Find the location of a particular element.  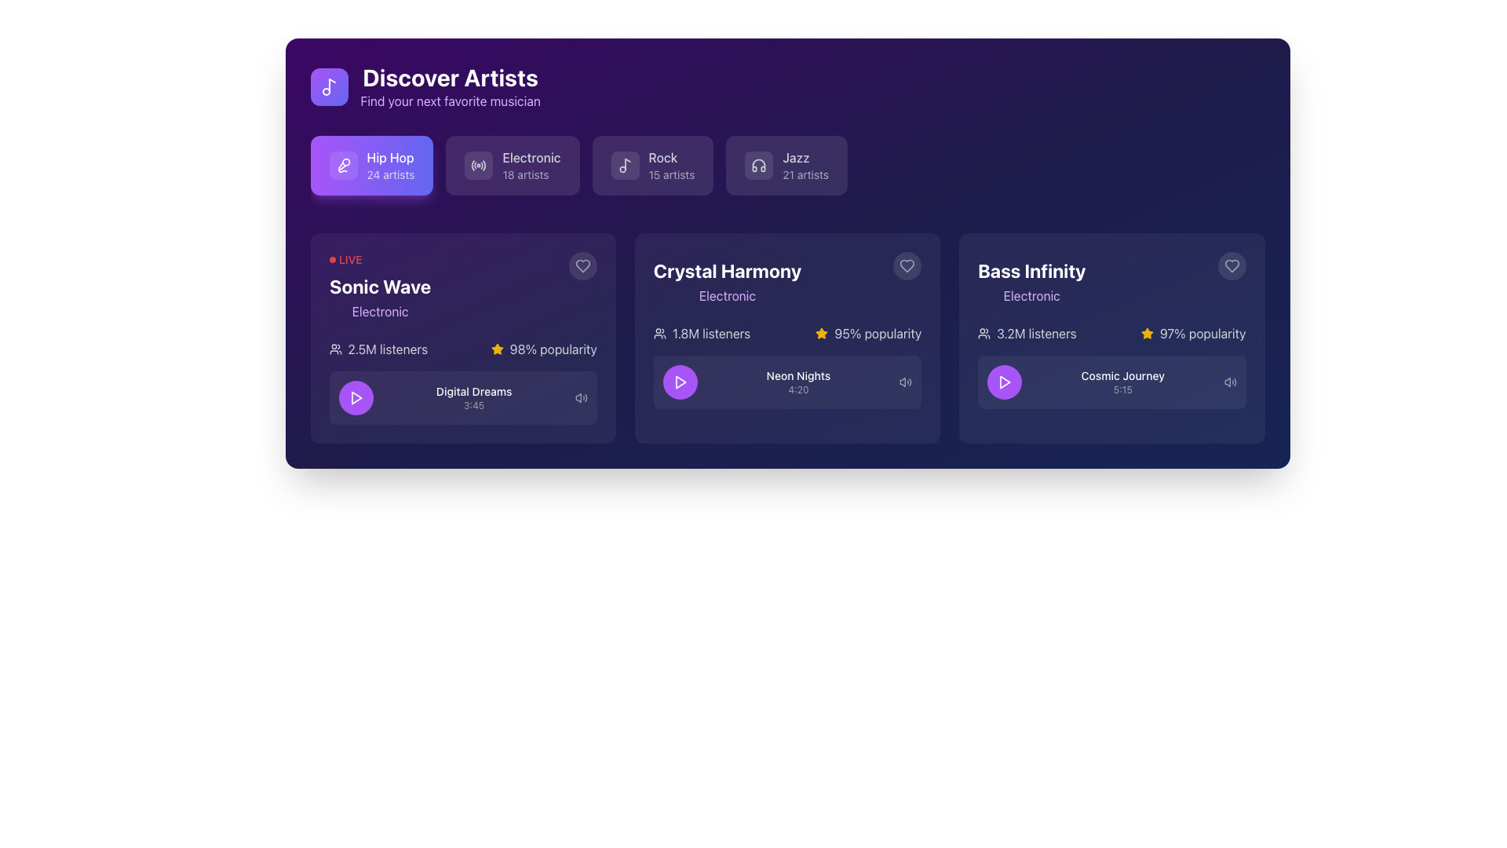

the musical note icon, which is positioned inside a purple square background to the left of the text 'Discover Artists' is located at coordinates (328, 87).